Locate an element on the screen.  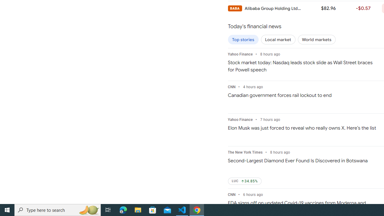
'Local market' is located at coordinates (278, 40).